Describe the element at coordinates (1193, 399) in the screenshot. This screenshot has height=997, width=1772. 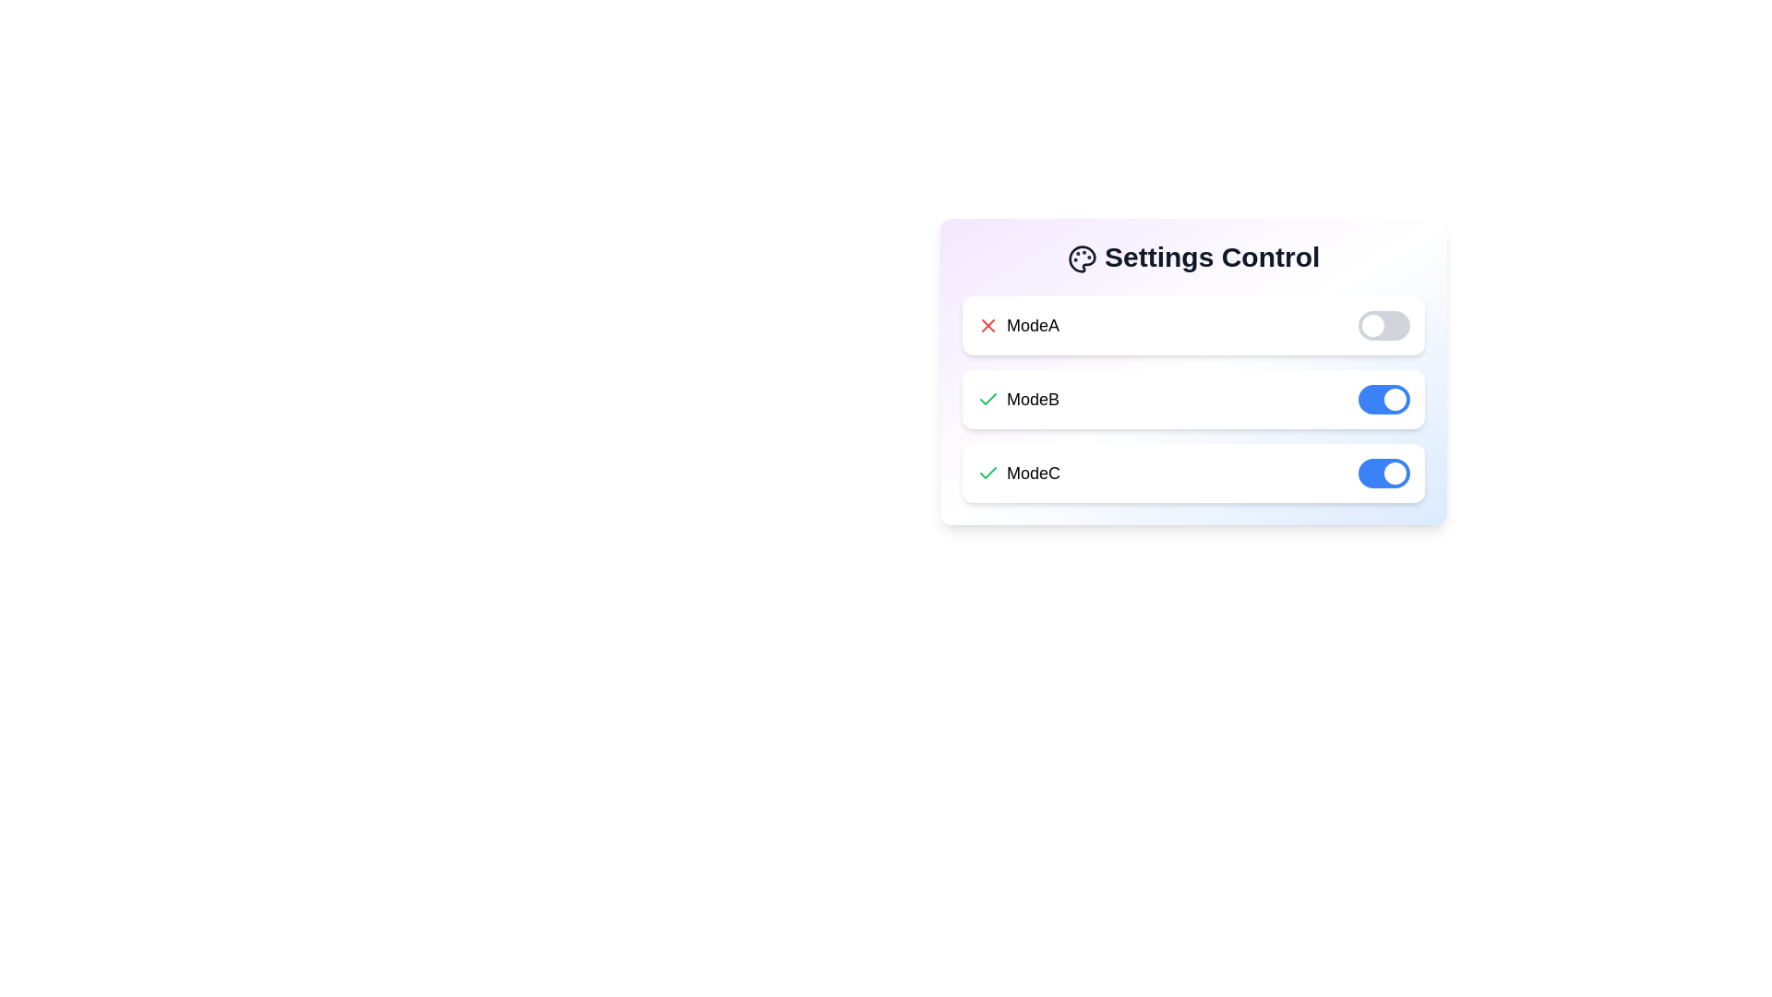
I see `the active 'ModeB' toggle button of the Selectable mode item` at that location.